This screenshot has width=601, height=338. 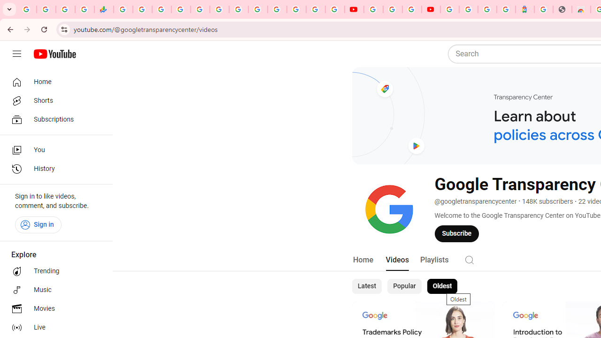 What do you see at coordinates (469, 260) in the screenshot?
I see `'Search'` at bounding box center [469, 260].